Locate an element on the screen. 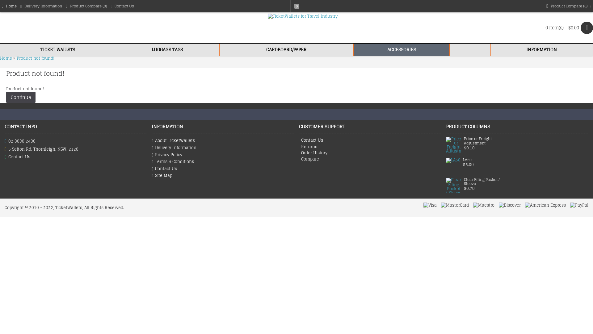 Image resolution: width=593 pixels, height=334 pixels. 'Privacy Policy' is located at coordinates (222, 155).